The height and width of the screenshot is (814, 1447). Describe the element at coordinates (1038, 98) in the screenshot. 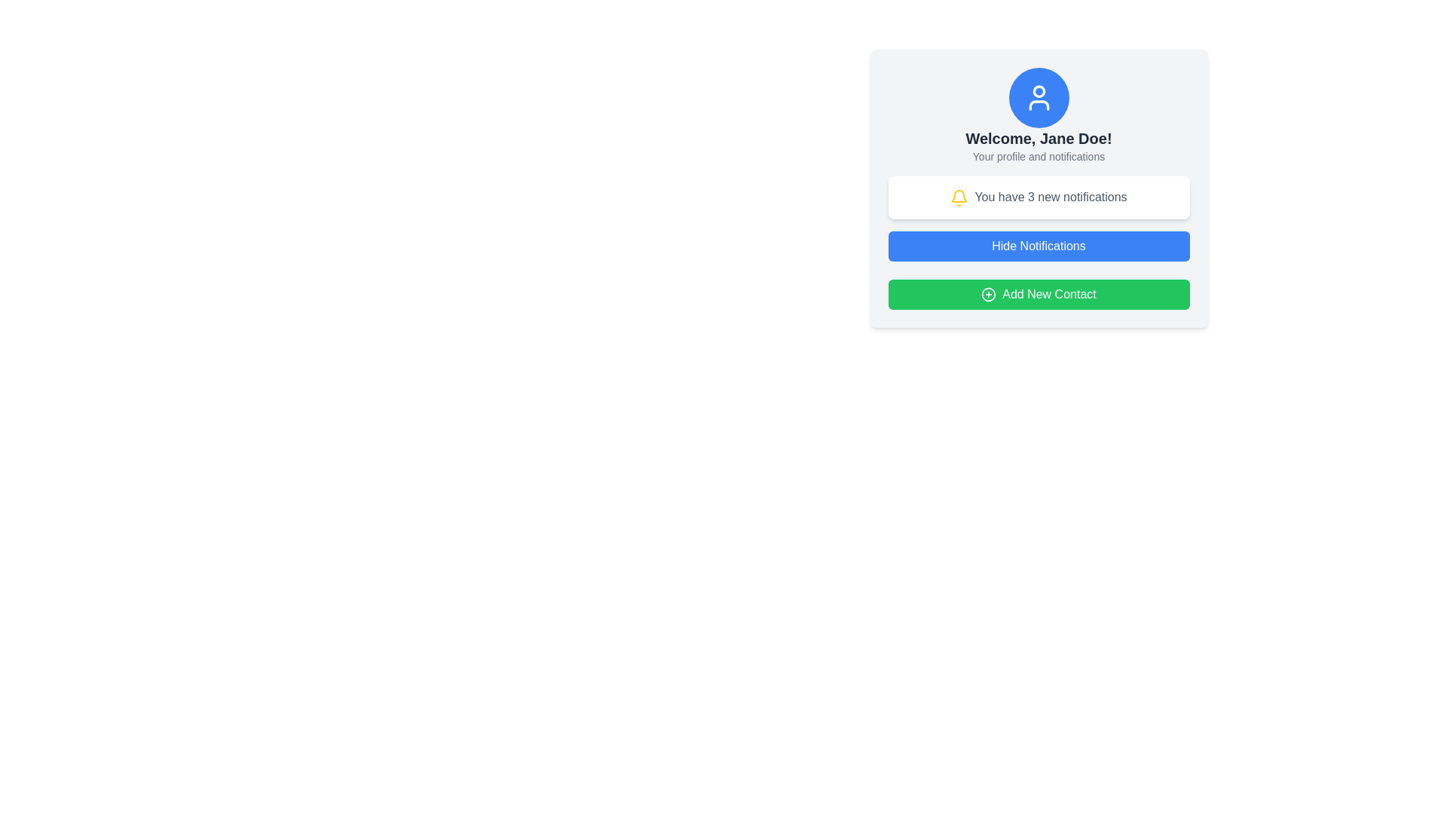

I see `the circular avatar icon with a blue background and white person silhouette located at the top-center of the profile card titled 'Welcome, Jane Doe! Your profile and notifications.'` at that location.